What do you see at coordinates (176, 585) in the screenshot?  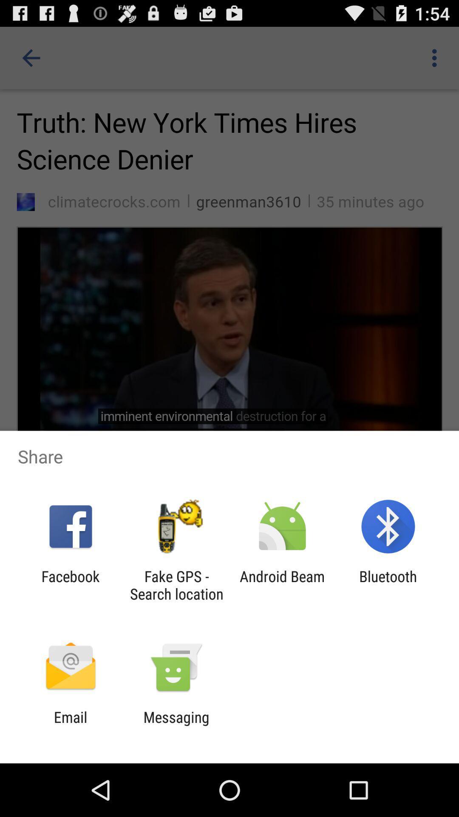 I see `the fake gps search` at bounding box center [176, 585].